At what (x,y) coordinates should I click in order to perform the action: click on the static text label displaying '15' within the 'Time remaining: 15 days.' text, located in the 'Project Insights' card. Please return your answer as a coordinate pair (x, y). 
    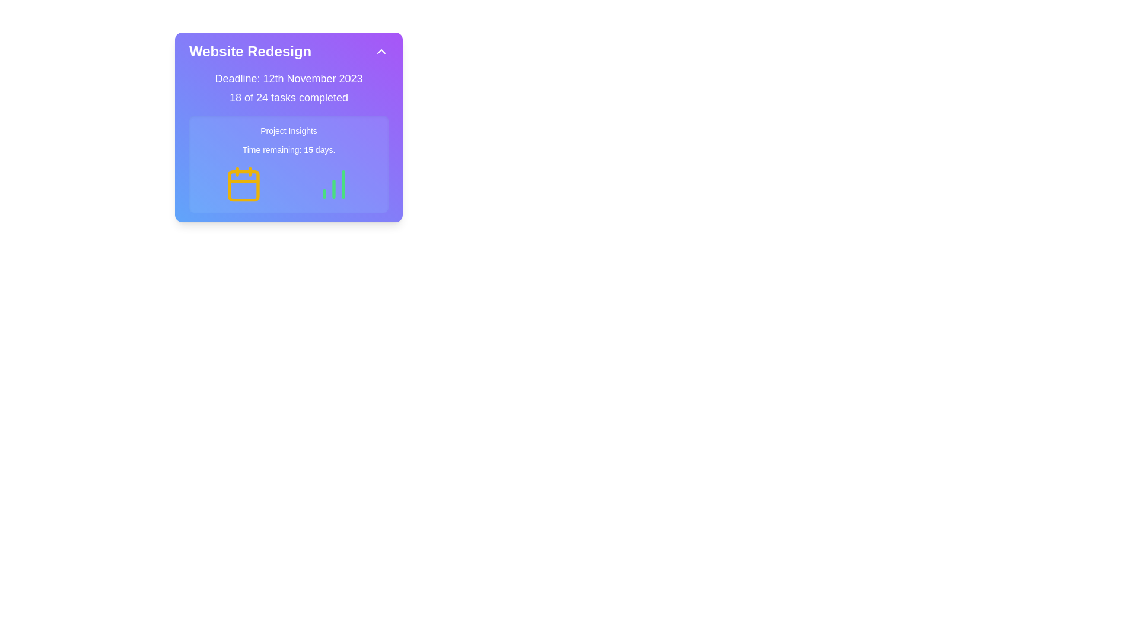
    Looking at the image, I should click on (308, 149).